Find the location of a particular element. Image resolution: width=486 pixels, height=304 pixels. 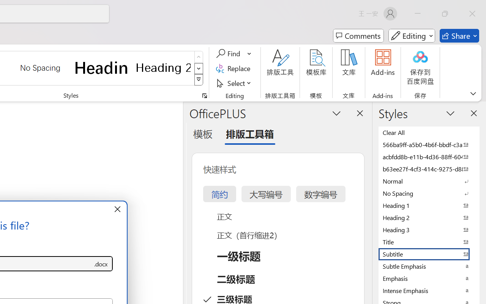

'Select' is located at coordinates (234, 83).